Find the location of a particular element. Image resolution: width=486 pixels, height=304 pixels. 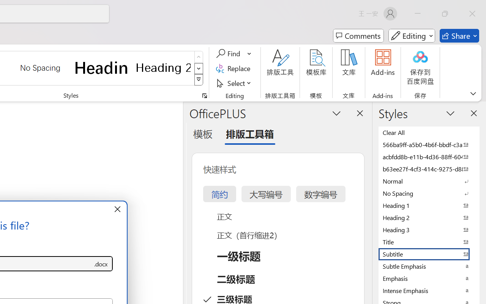

'Select' is located at coordinates (234, 83).